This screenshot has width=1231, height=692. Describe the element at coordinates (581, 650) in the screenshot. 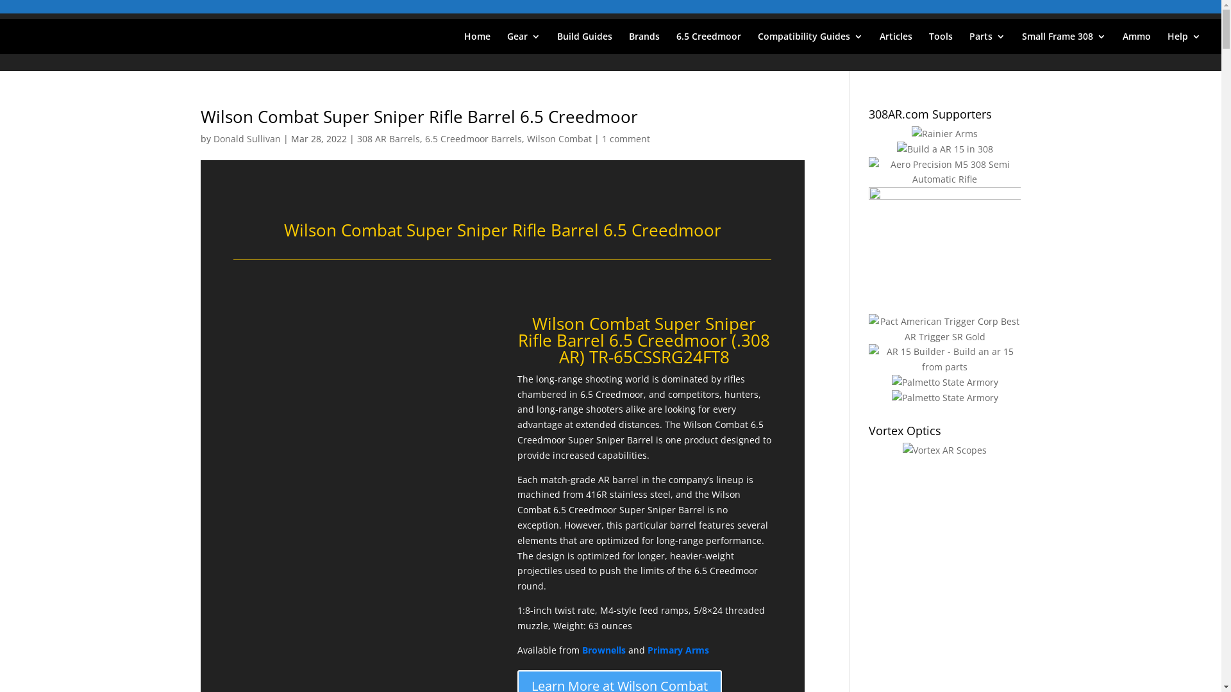

I see `'Brownells'` at that location.